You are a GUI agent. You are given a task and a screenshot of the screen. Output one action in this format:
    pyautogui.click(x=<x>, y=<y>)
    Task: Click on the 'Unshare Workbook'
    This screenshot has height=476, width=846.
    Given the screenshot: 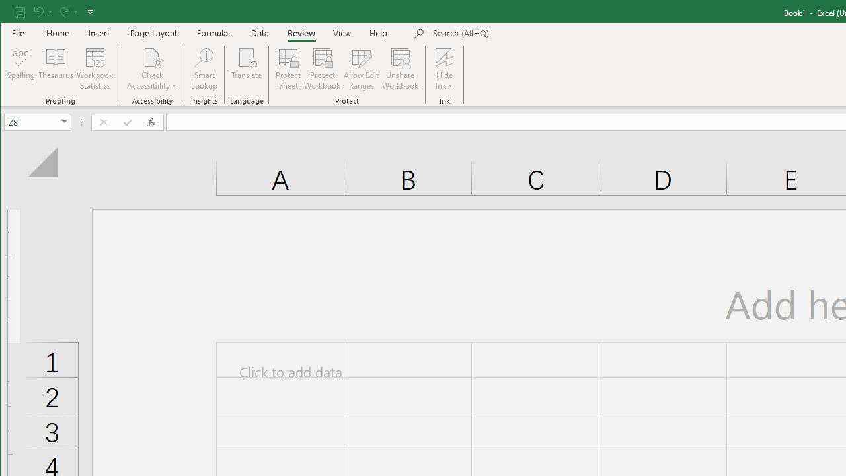 What is the action you would take?
    pyautogui.click(x=400, y=69)
    